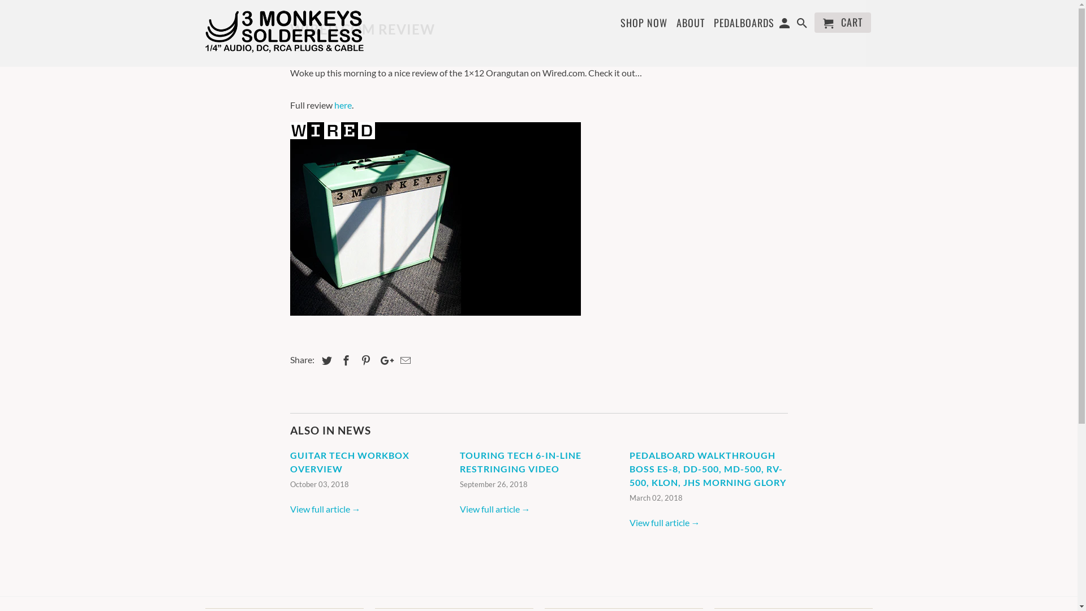 The image size is (1086, 611). I want to click on 'Search', so click(803, 24).